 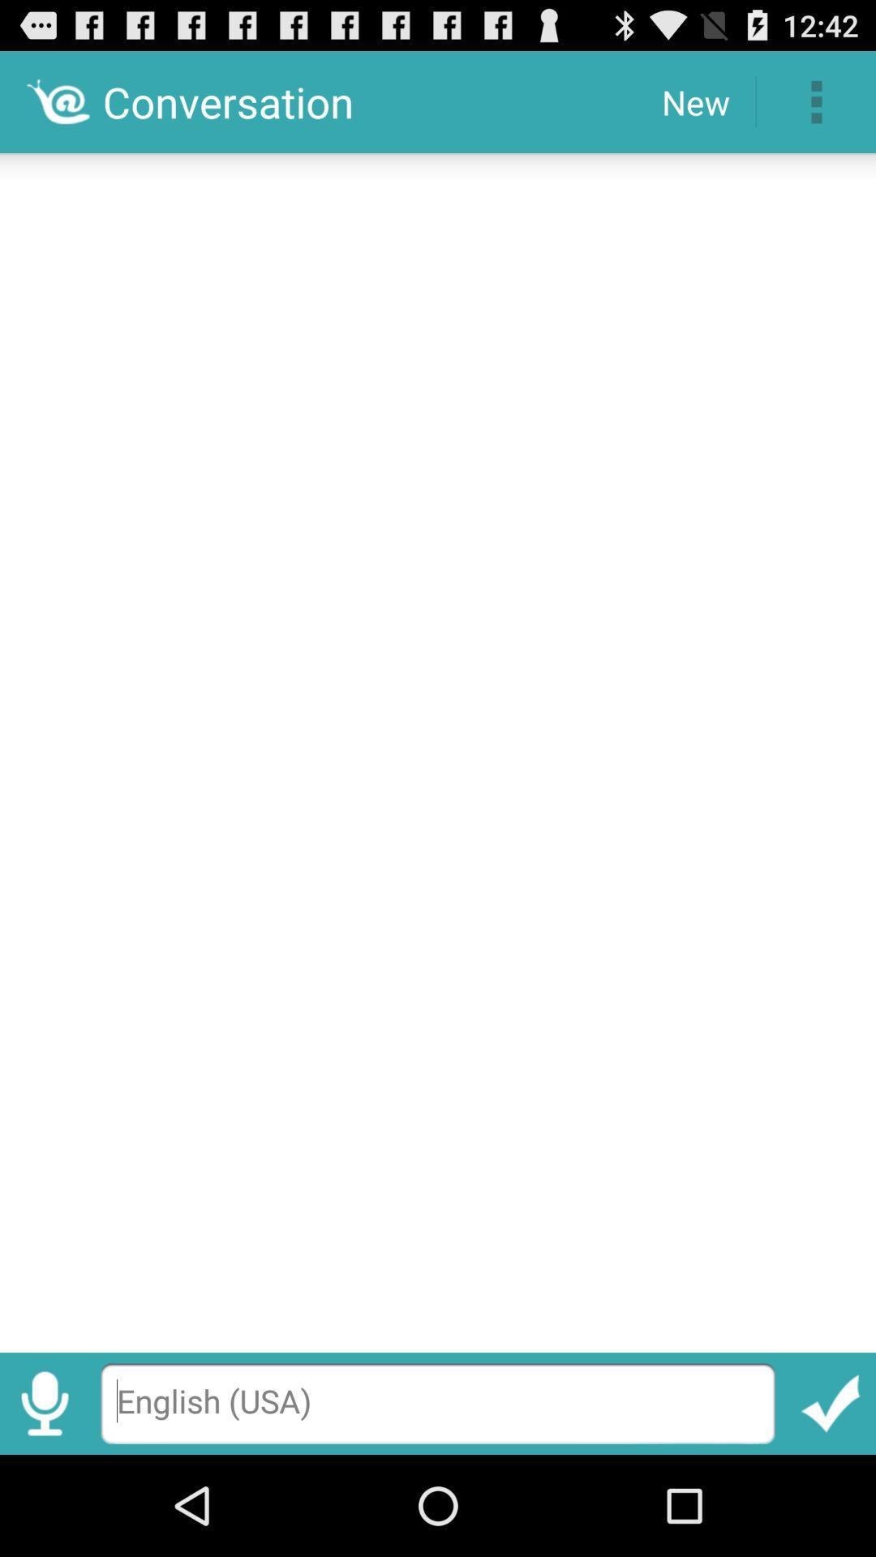 I want to click on the new, so click(x=694, y=101).